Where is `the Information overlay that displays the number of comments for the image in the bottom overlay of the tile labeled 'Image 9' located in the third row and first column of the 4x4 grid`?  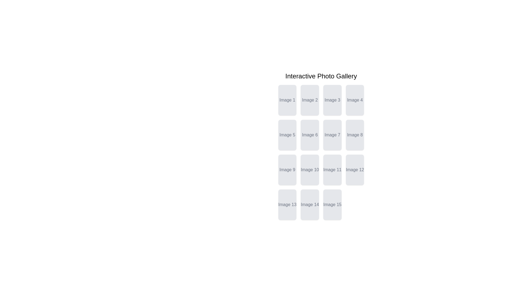
the Information overlay that displays the number of comments for the image in the bottom overlay of the tile labeled 'Image 9' located in the third row and first column of the 4x4 grid is located at coordinates (287, 174).